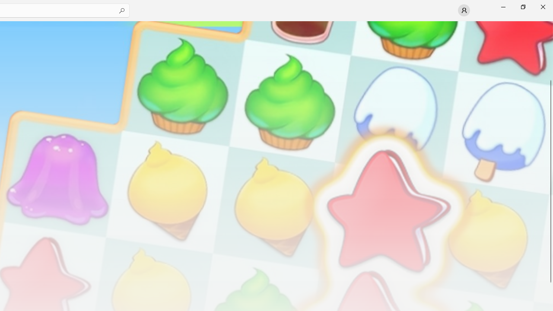 Image resolution: width=553 pixels, height=311 pixels. I want to click on 'User profile', so click(463, 10).